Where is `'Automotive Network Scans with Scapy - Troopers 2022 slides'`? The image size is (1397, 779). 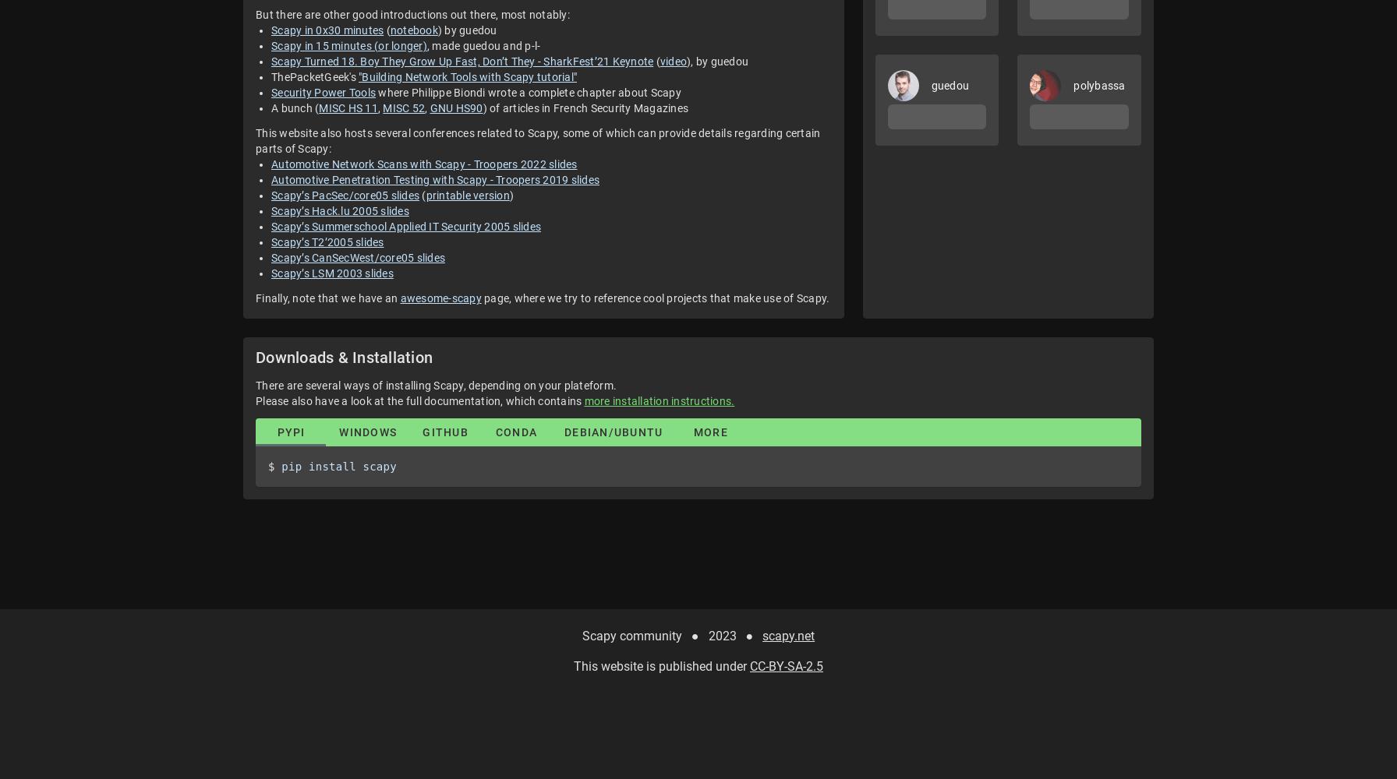
'Automotive Network Scans with Scapy - Troopers 2022 slides' is located at coordinates (424, 164).